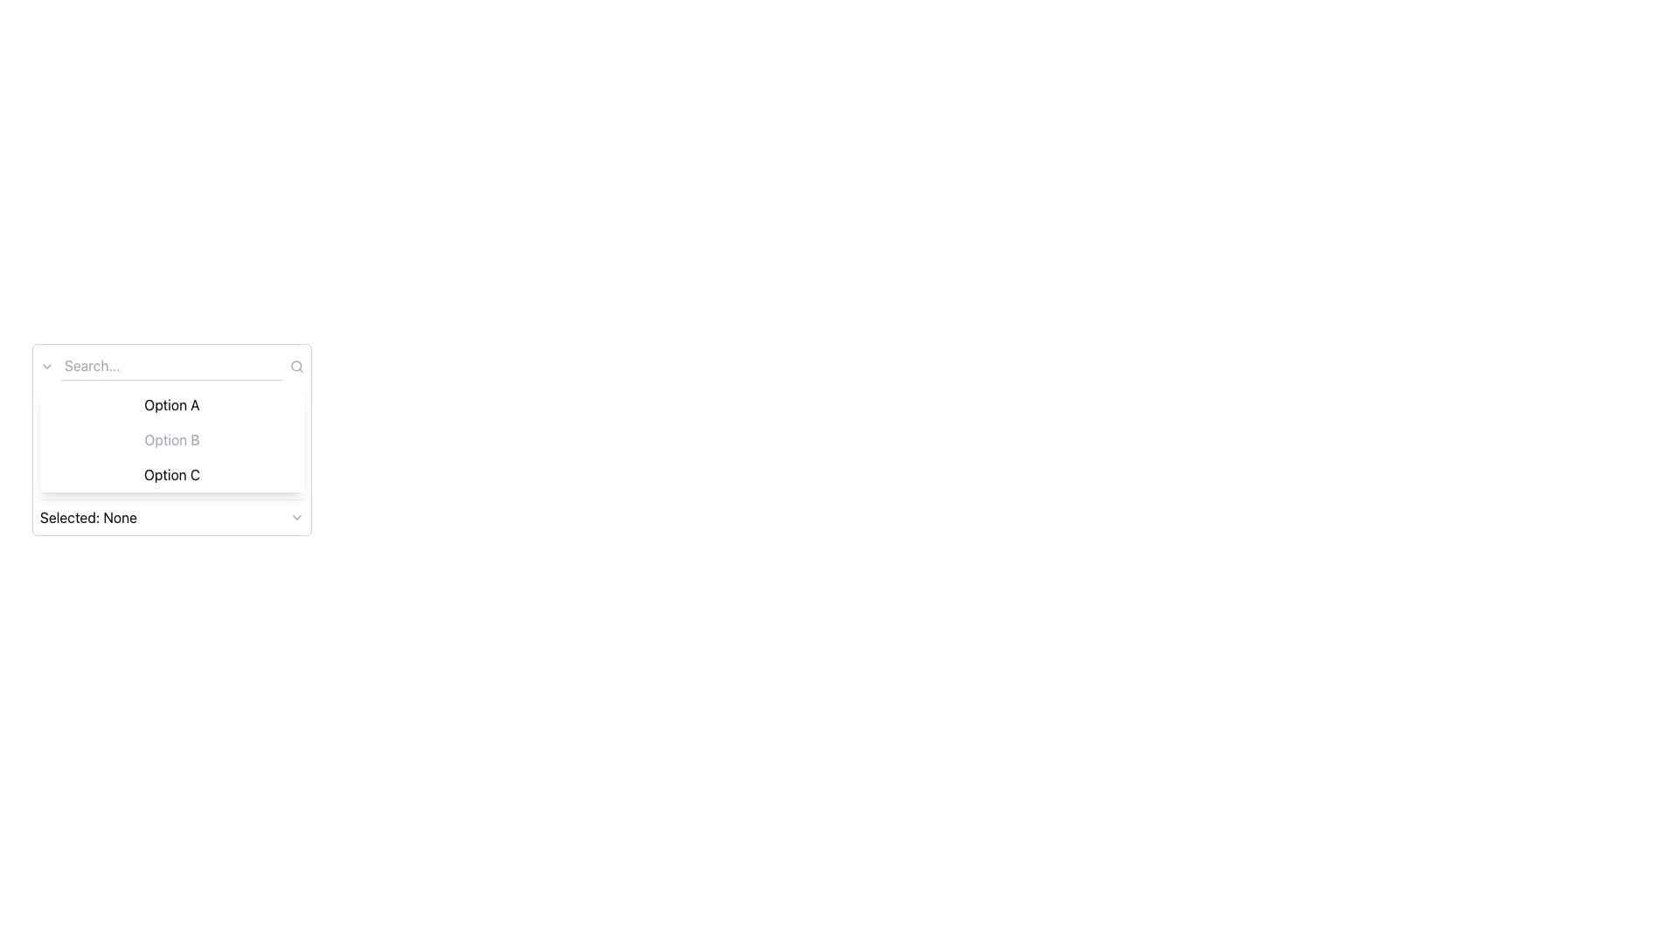 This screenshot has height=943, width=1678. I want to click on the search icon located at the rightmost side of the horizontal group of elements, so click(297, 365).